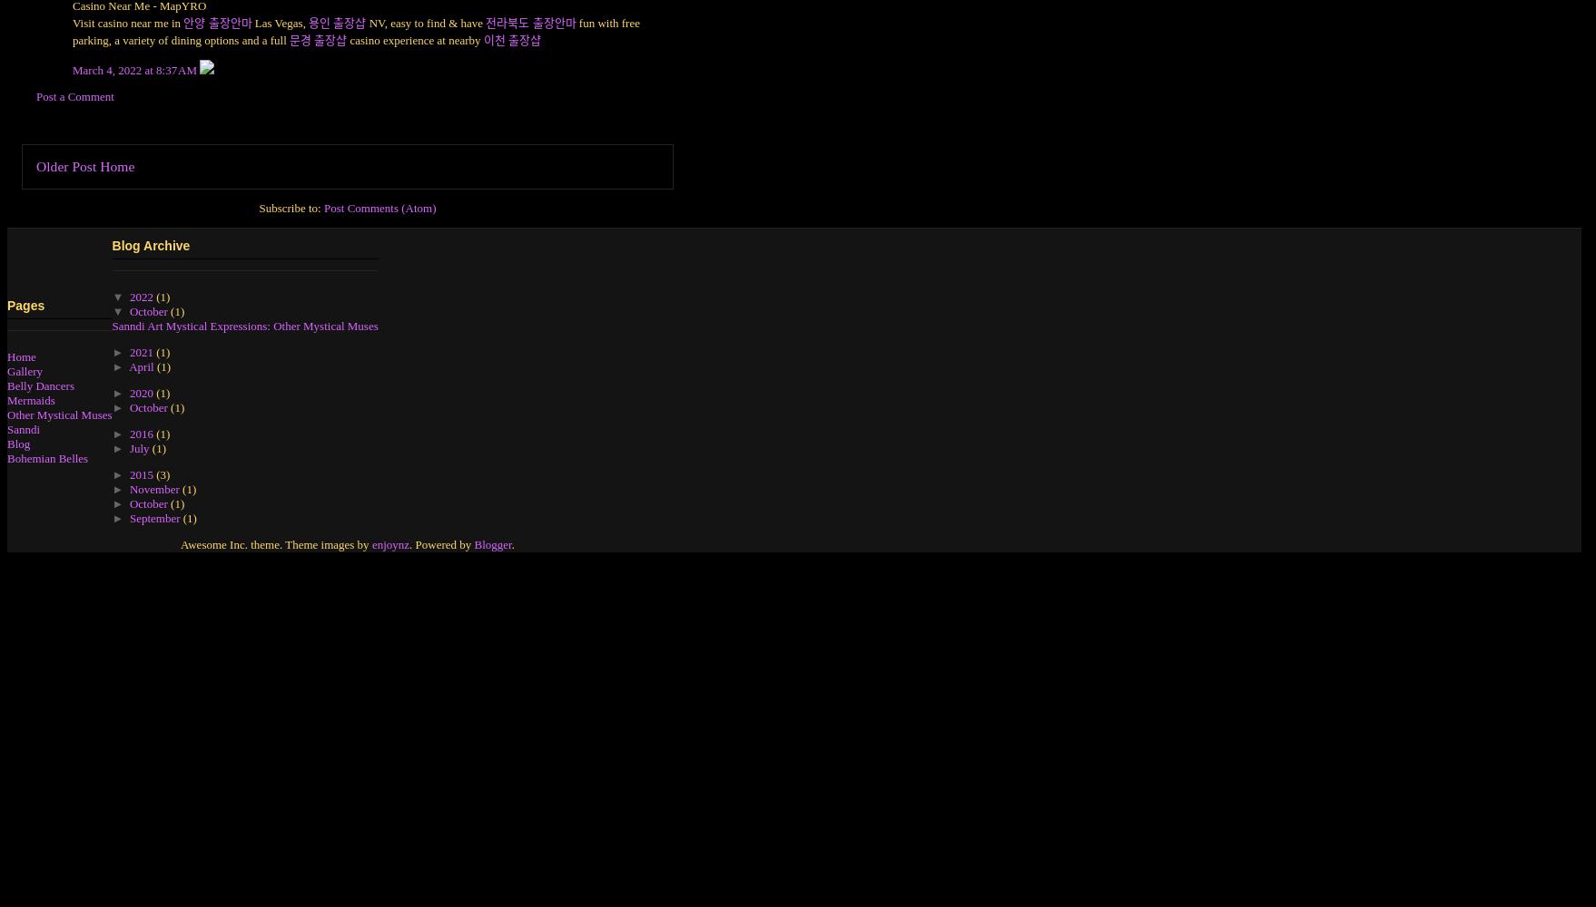 Image resolution: width=1596 pixels, height=907 pixels. I want to click on 'Las Vegas,', so click(280, 22).